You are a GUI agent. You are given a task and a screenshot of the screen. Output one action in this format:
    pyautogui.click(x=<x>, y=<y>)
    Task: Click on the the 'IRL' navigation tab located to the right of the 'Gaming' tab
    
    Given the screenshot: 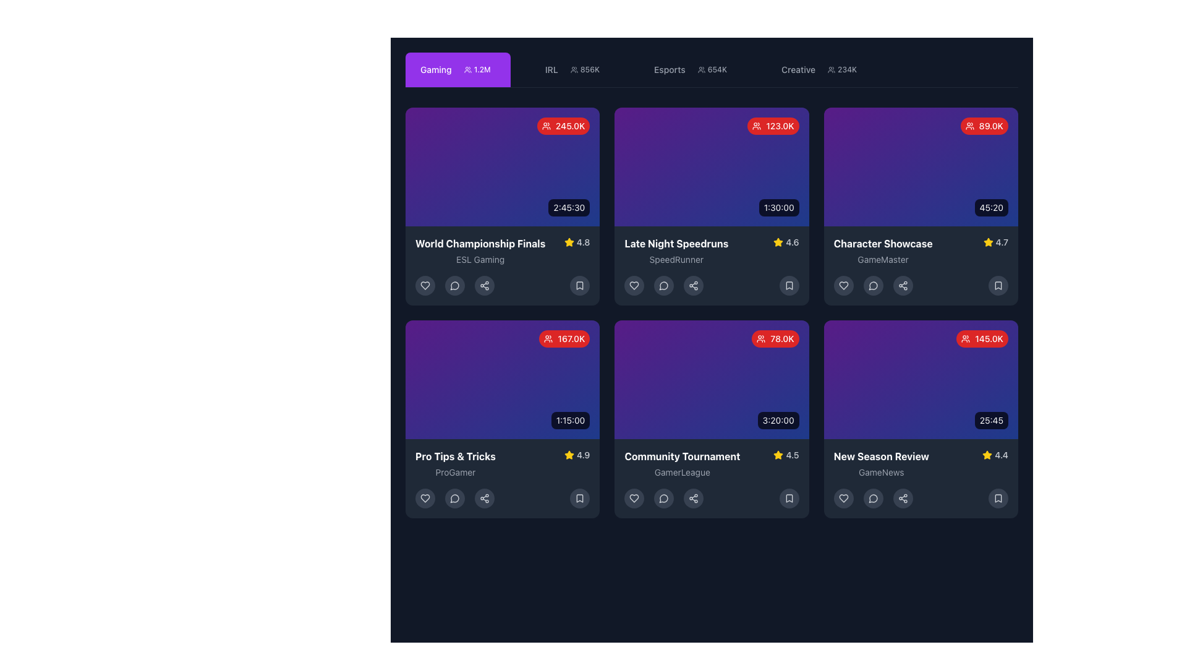 What is the action you would take?
    pyautogui.click(x=574, y=69)
    